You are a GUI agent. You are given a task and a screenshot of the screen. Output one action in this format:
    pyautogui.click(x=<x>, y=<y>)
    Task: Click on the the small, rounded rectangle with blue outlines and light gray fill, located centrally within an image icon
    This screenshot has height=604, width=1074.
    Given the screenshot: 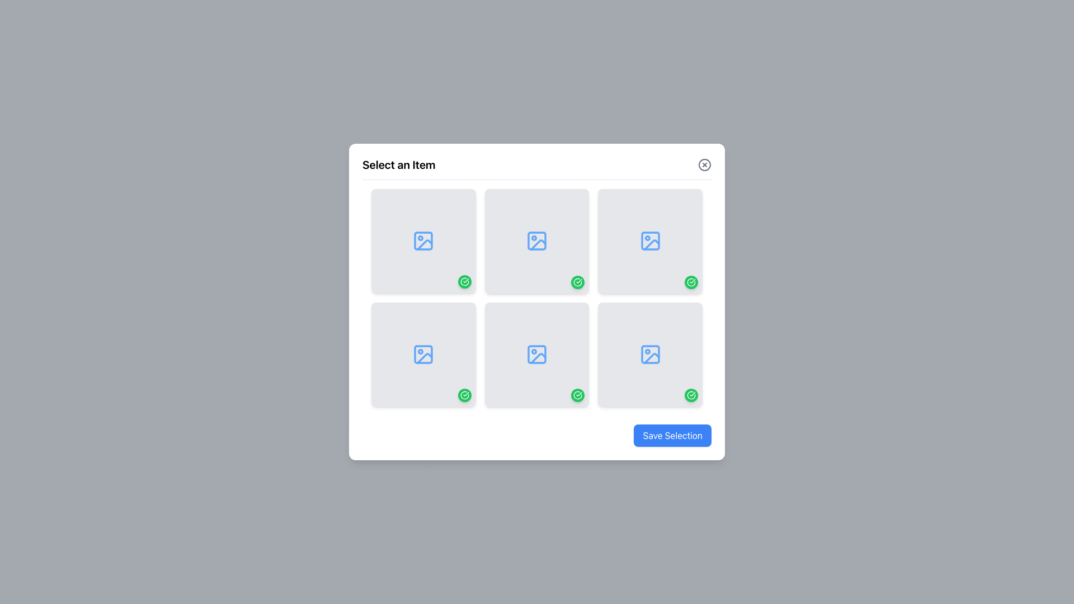 What is the action you would take?
    pyautogui.click(x=537, y=354)
    